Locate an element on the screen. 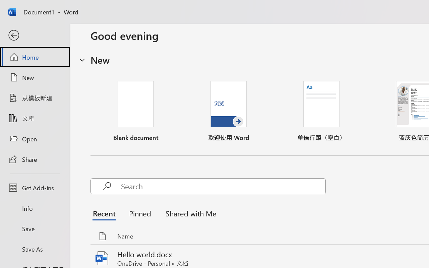 This screenshot has width=429, height=268. 'Search' is located at coordinates (223, 186).